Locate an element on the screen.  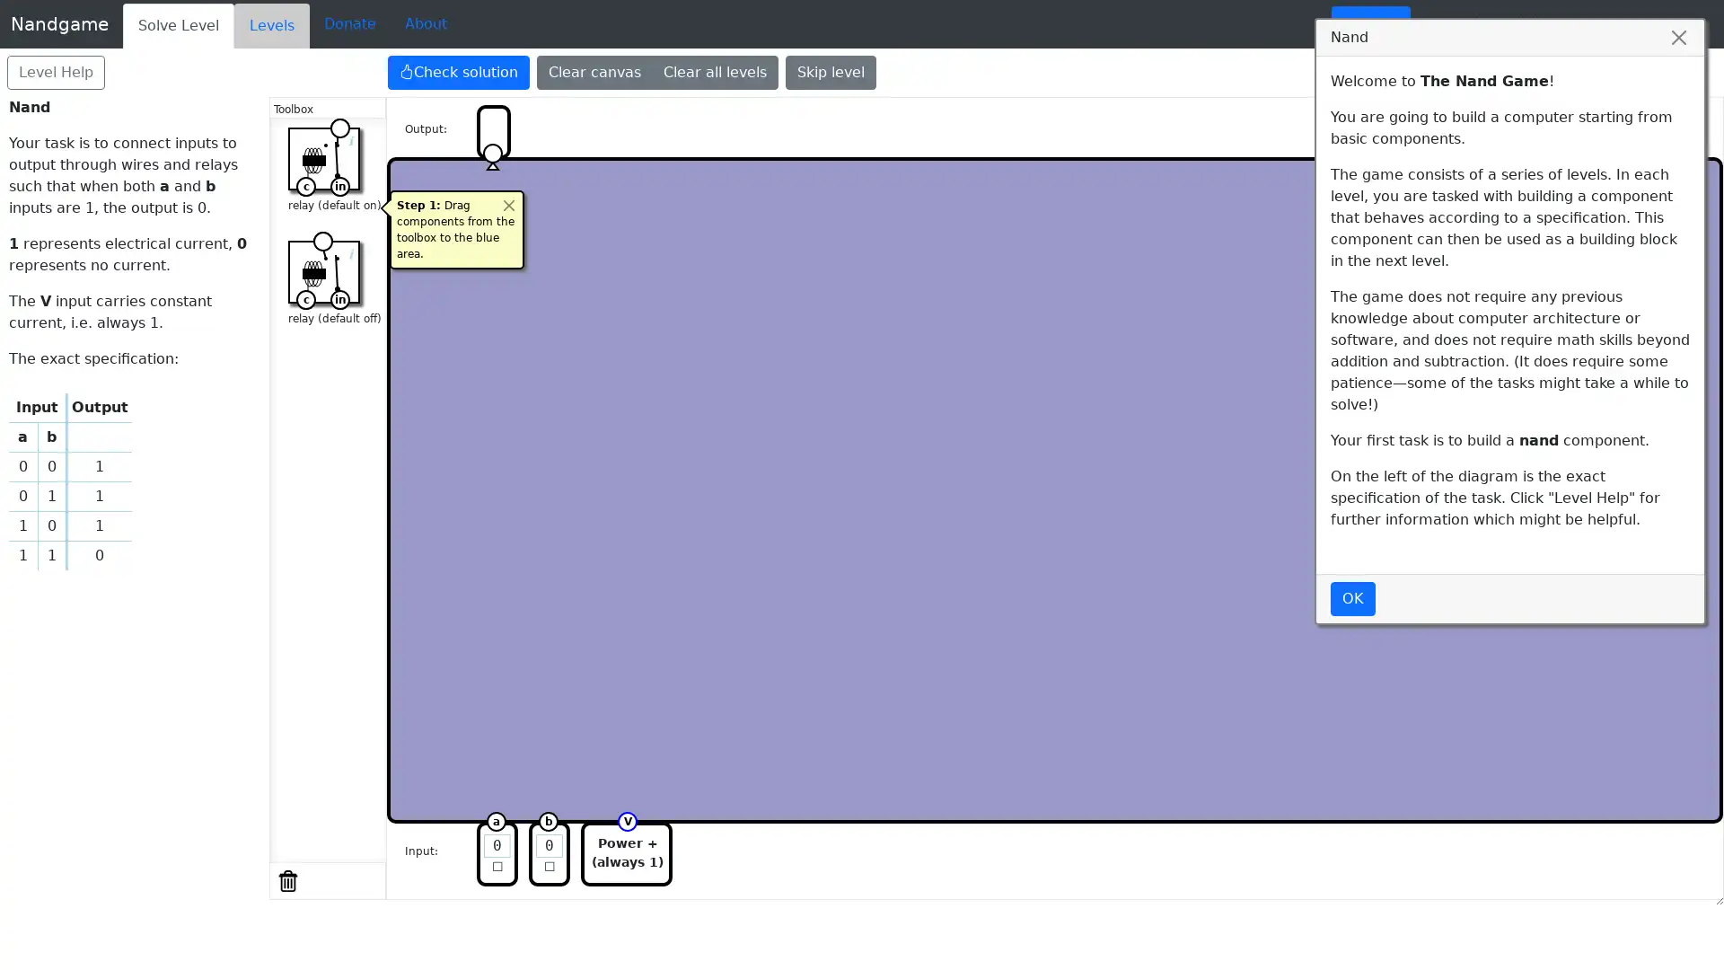
OK is located at coordinates (1353, 599).